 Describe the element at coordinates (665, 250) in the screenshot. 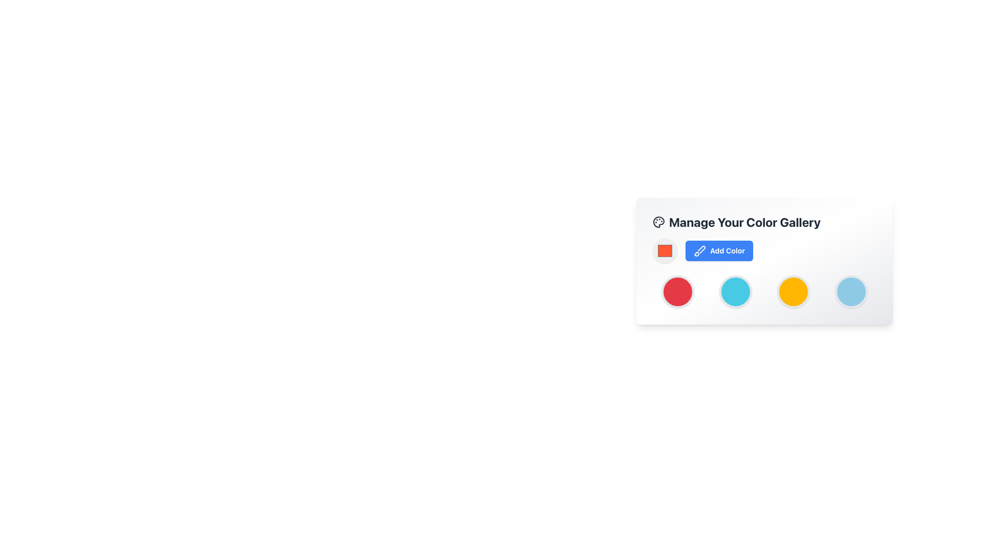

I see `the circular color picker button, which is the leftmost in a horizontal arrangement and features an orange-filled circle with a white background and gray border` at that location.